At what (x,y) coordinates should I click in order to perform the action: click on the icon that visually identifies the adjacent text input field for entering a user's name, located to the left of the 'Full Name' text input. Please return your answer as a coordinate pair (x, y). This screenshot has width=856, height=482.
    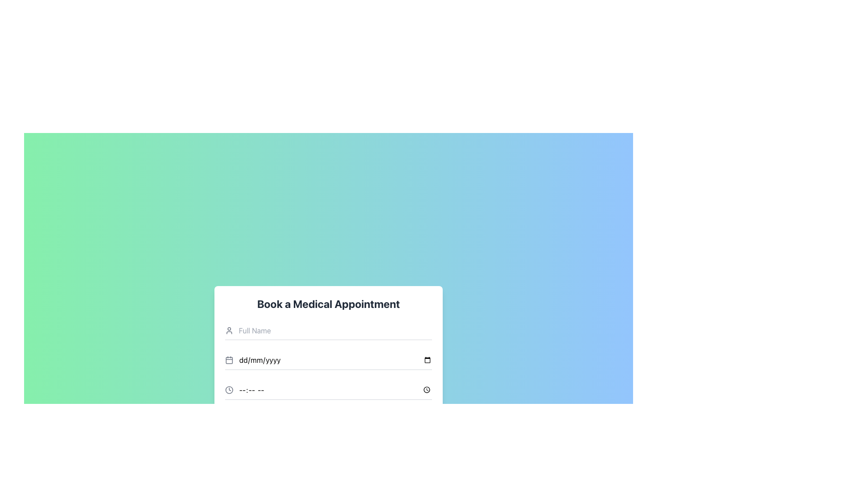
    Looking at the image, I should click on (229, 330).